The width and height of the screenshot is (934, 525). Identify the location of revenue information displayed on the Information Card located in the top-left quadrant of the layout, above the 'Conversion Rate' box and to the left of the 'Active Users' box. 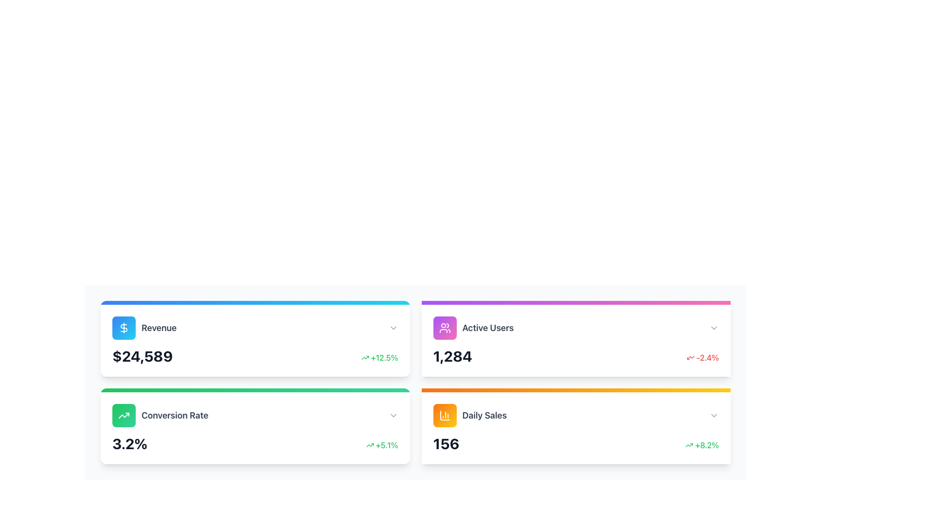
(255, 340).